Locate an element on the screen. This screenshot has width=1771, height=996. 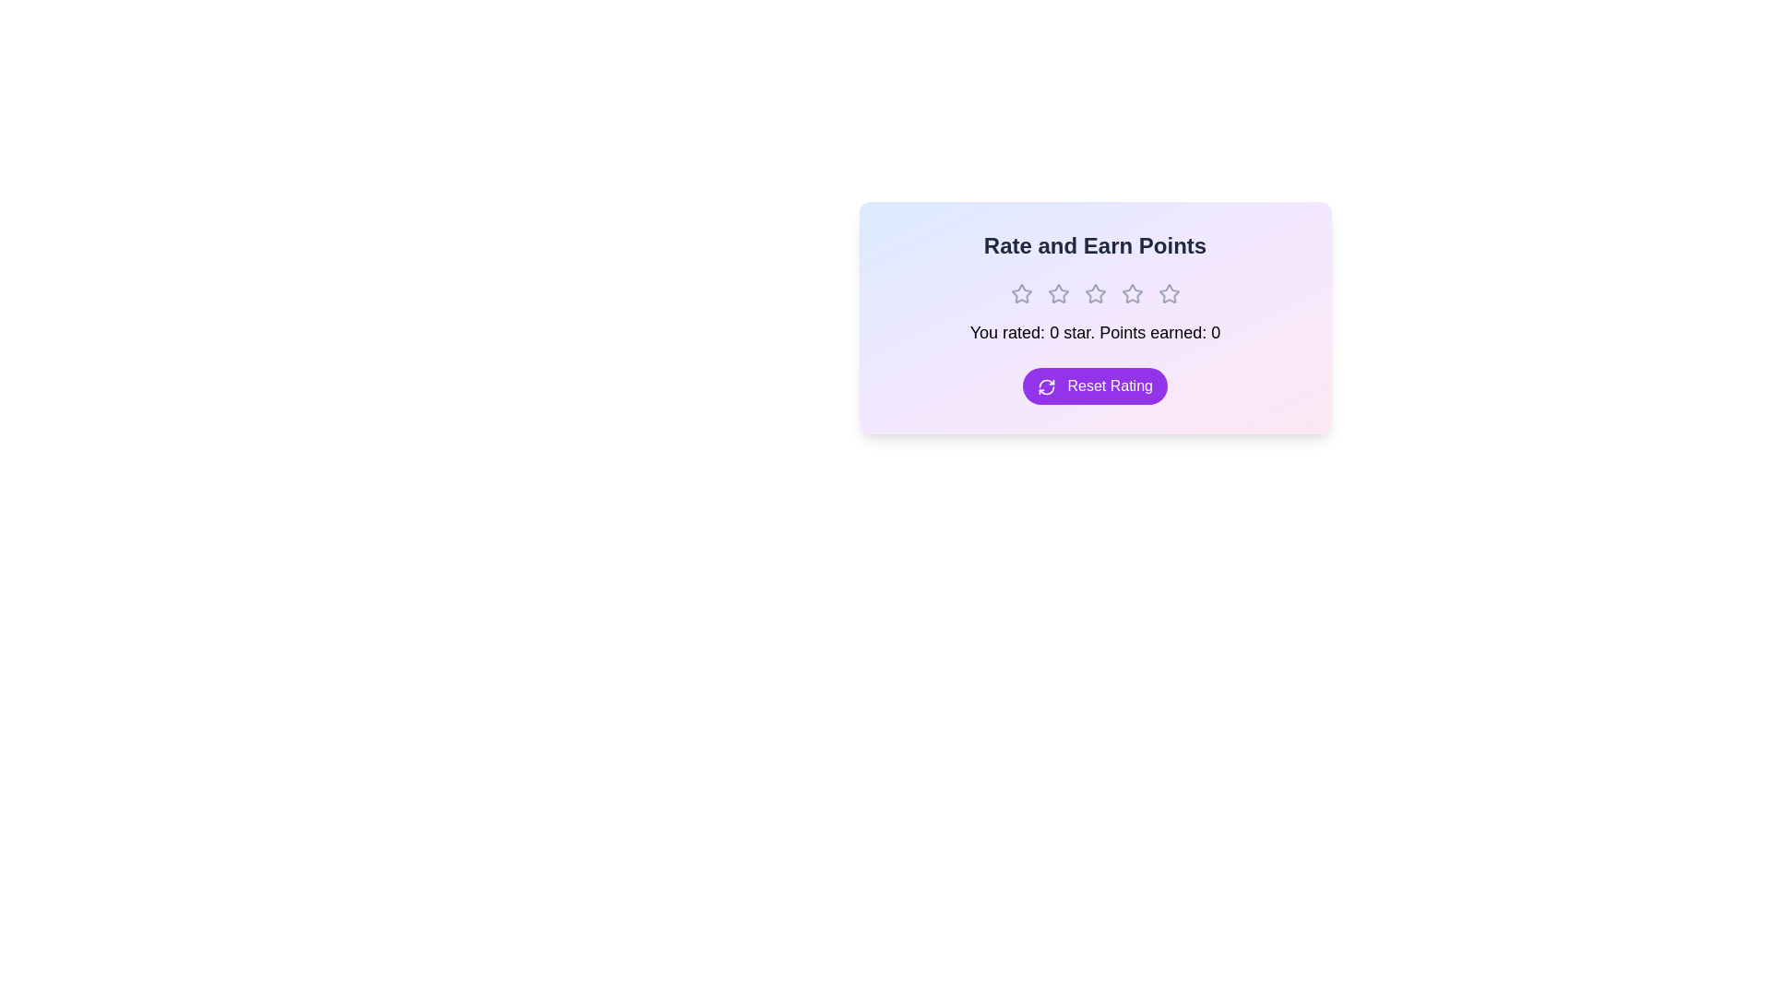
the 'Reset Rating' button to clear the current rating is located at coordinates (1095, 385).